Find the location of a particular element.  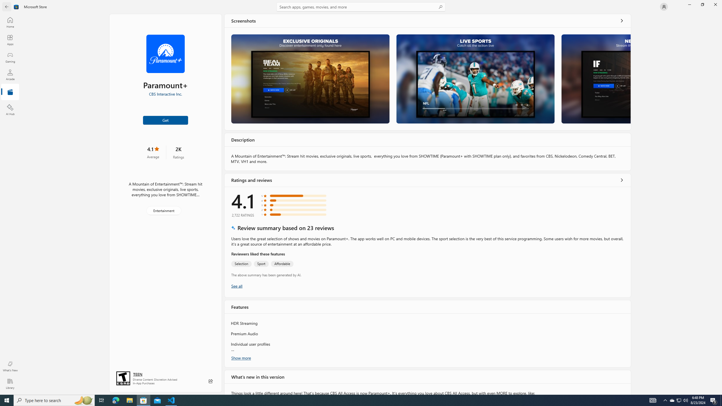

'User profile' is located at coordinates (663, 6).